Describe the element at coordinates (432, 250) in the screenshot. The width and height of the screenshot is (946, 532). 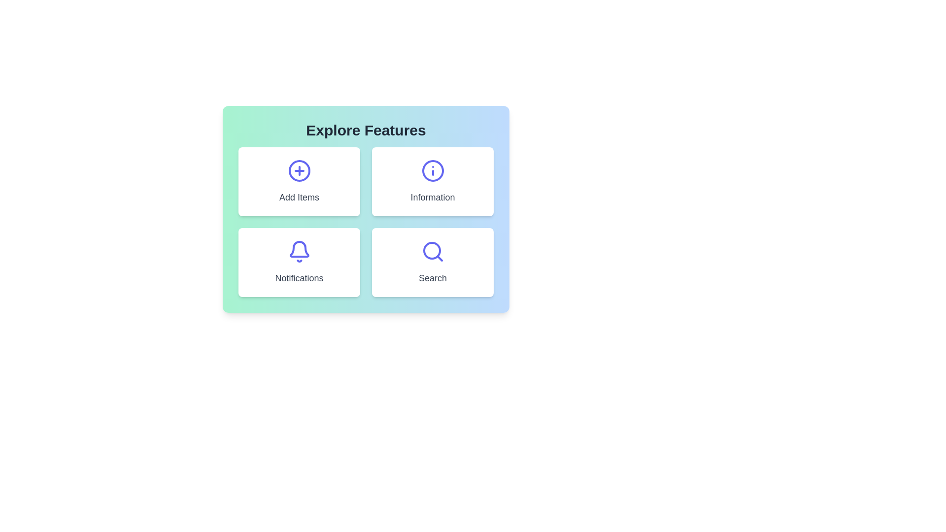
I see `the circular component centered within the Search icon, which is part of a four-option grid layout` at that location.